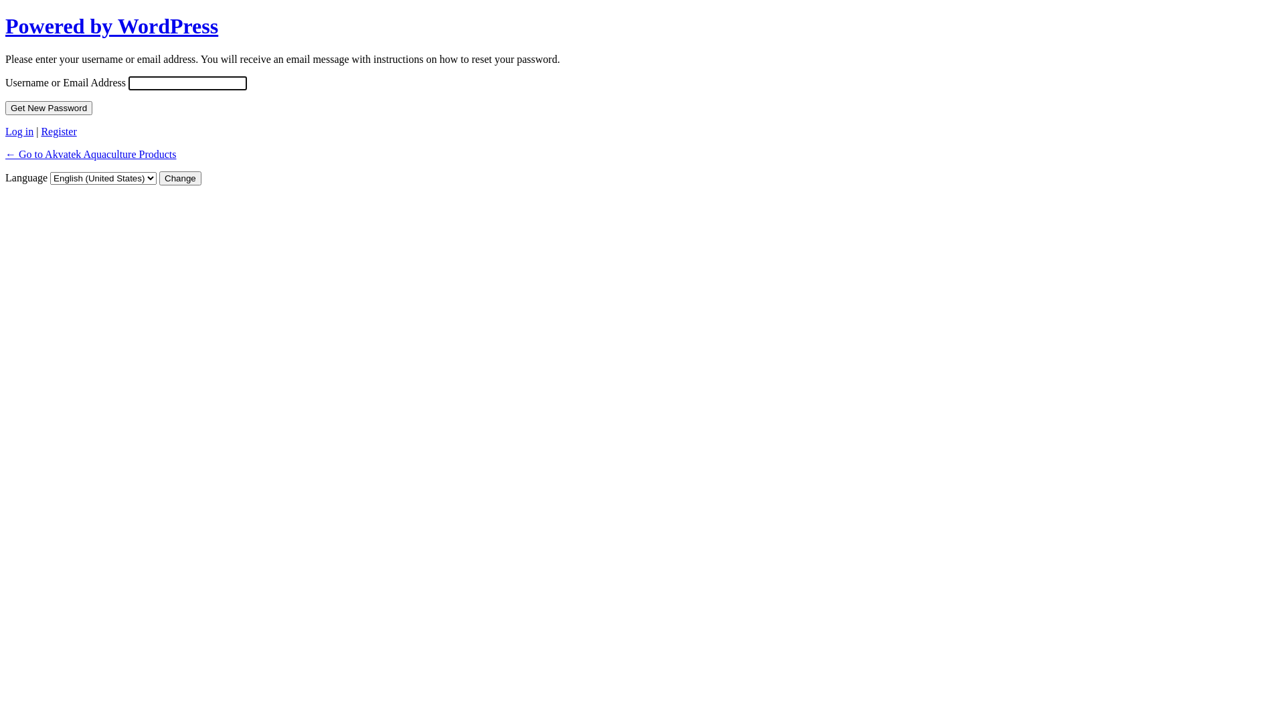  I want to click on 'Register', so click(58, 131).